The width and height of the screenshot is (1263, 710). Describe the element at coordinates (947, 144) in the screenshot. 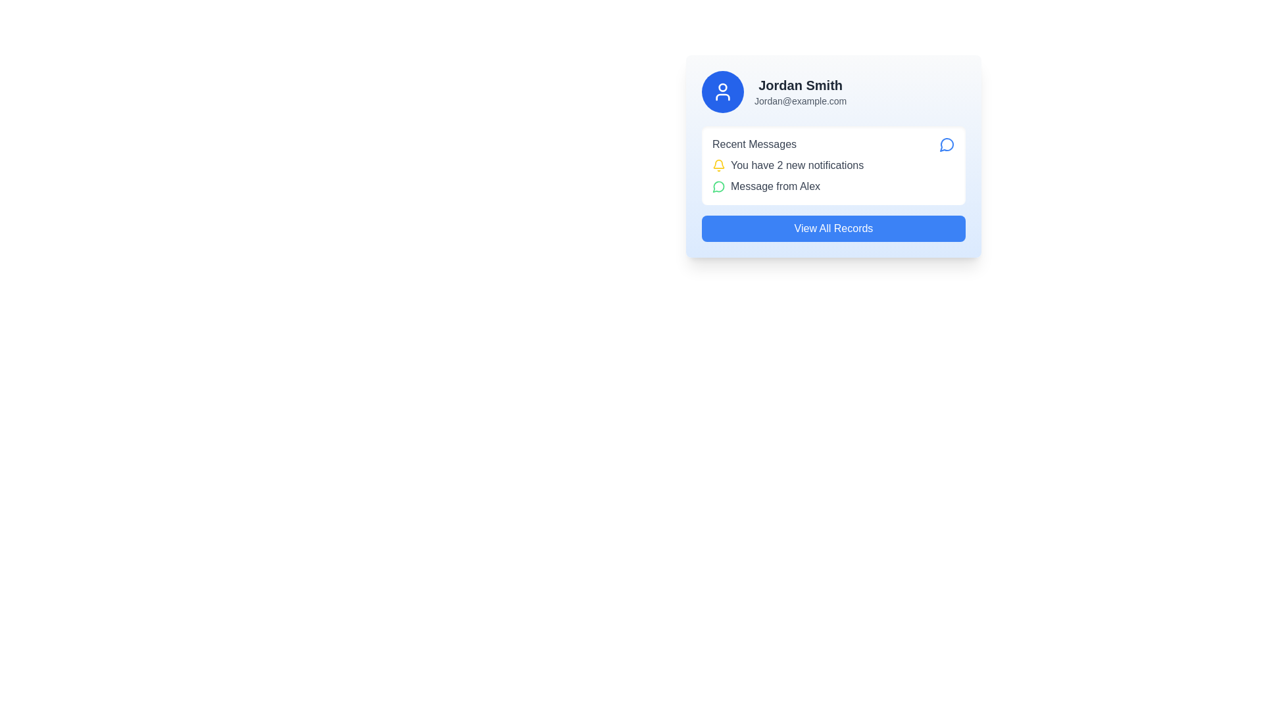

I see `the blue circular speech bubble icon located at the far-right of the header section labeled 'Recent Messages'` at that location.